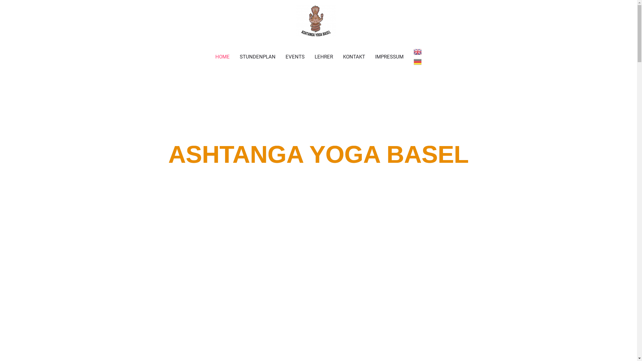  Describe the element at coordinates (257, 56) in the screenshot. I see `'STUNDENPLAN'` at that location.